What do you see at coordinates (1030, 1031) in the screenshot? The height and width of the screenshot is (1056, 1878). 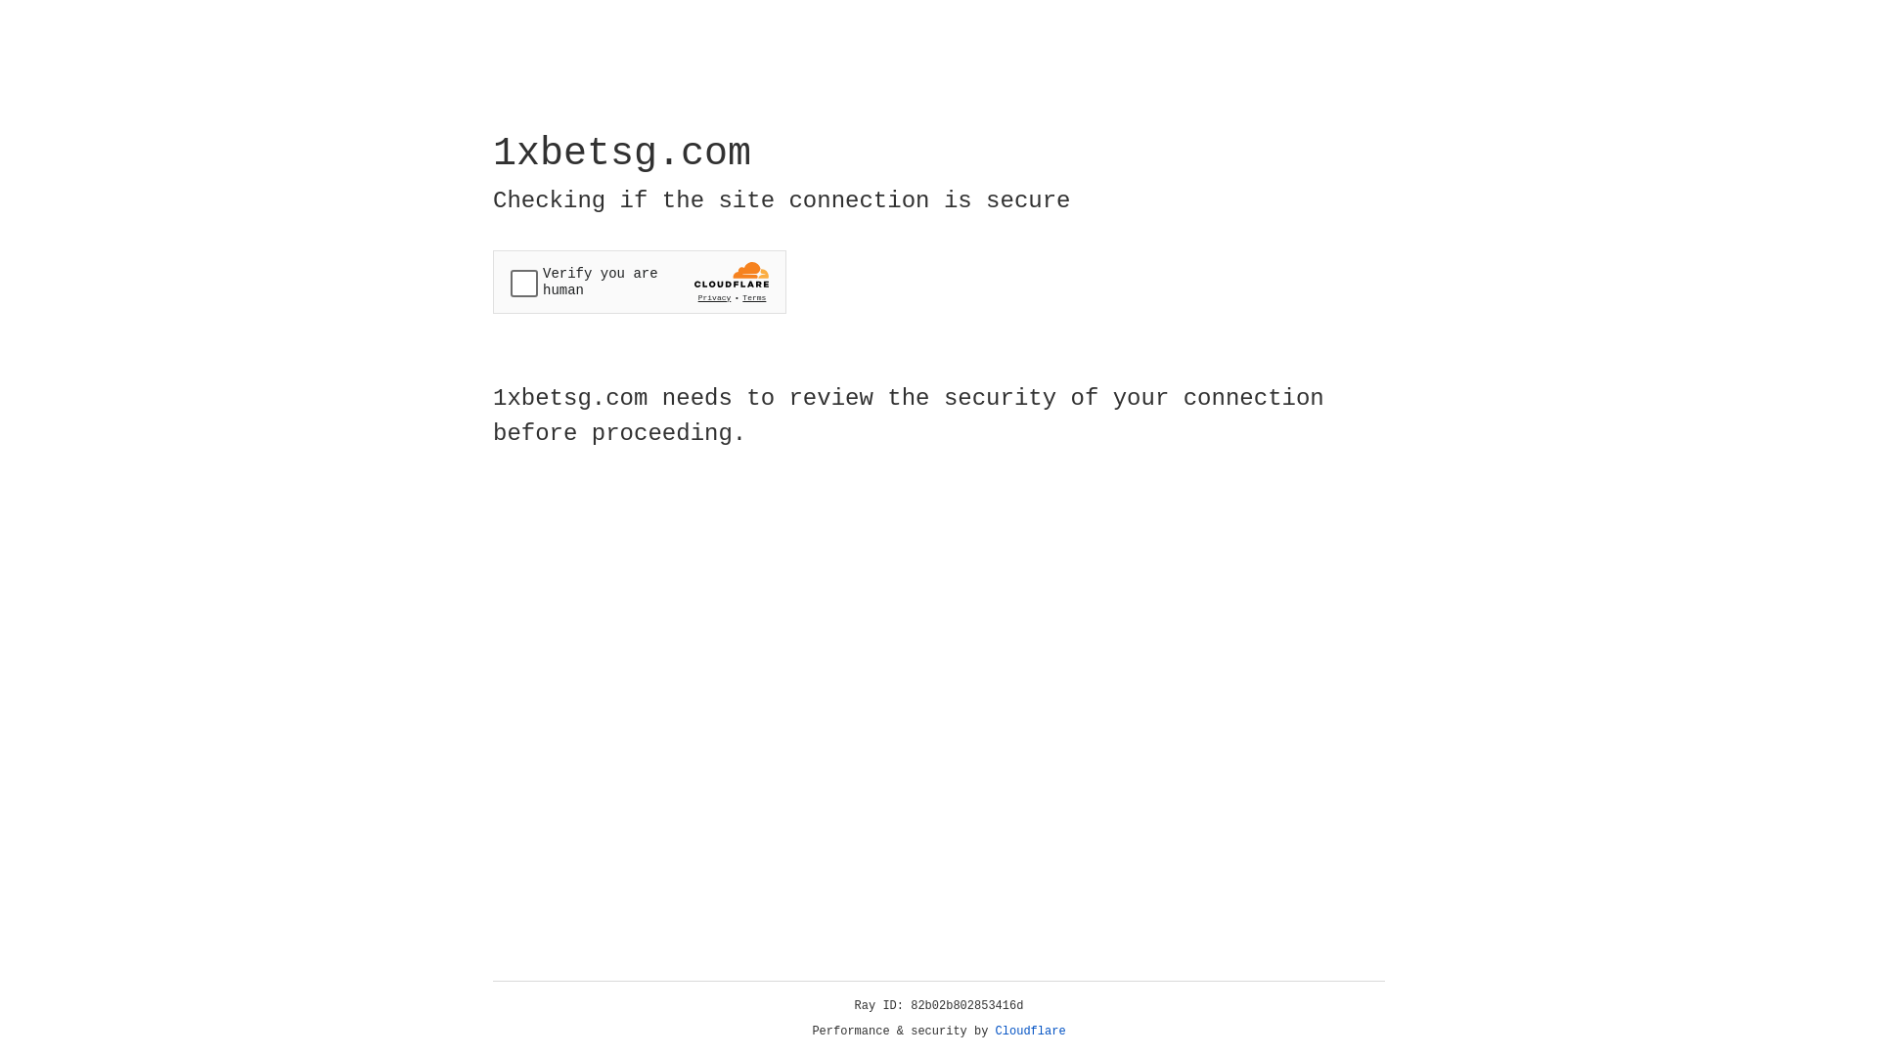 I see `'Cloudflare'` at bounding box center [1030, 1031].